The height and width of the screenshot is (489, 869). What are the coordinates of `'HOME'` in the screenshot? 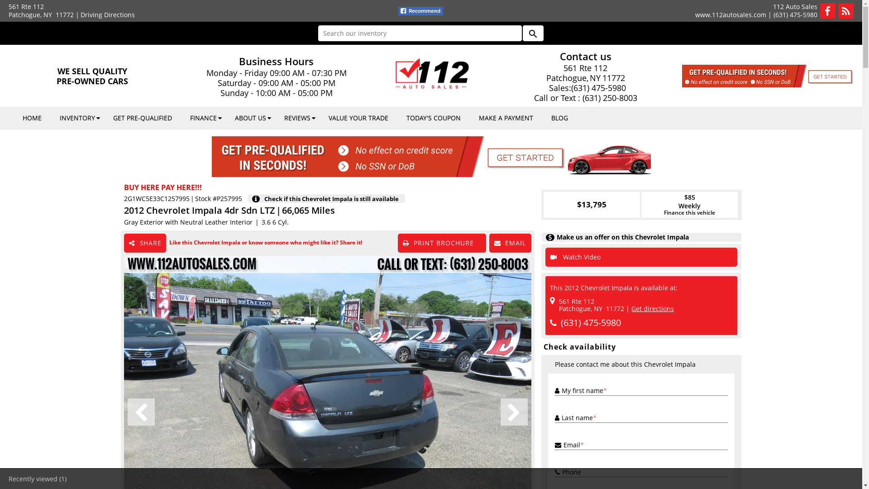 It's located at (32, 118).